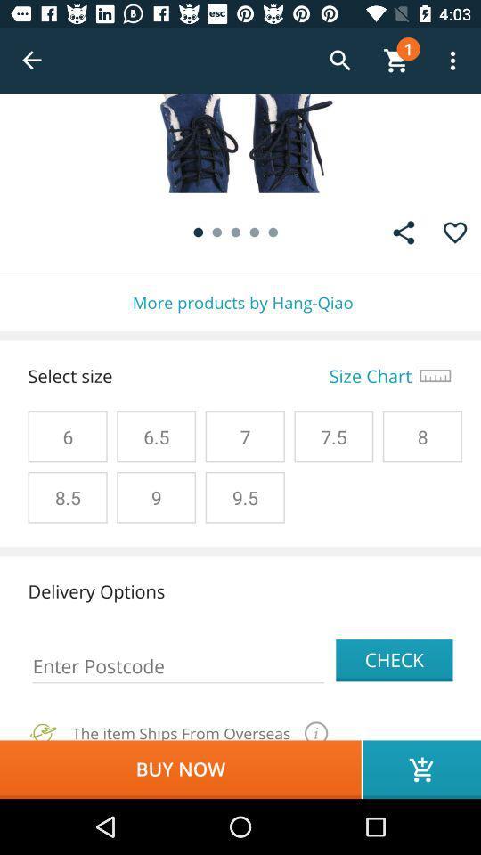 This screenshot has width=481, height=855. What do you see at coordinates (43, 729) in the screenshot?
I see `the logo at left corner bottom left to the item ships from overseas` at bounding box center [43, 729].